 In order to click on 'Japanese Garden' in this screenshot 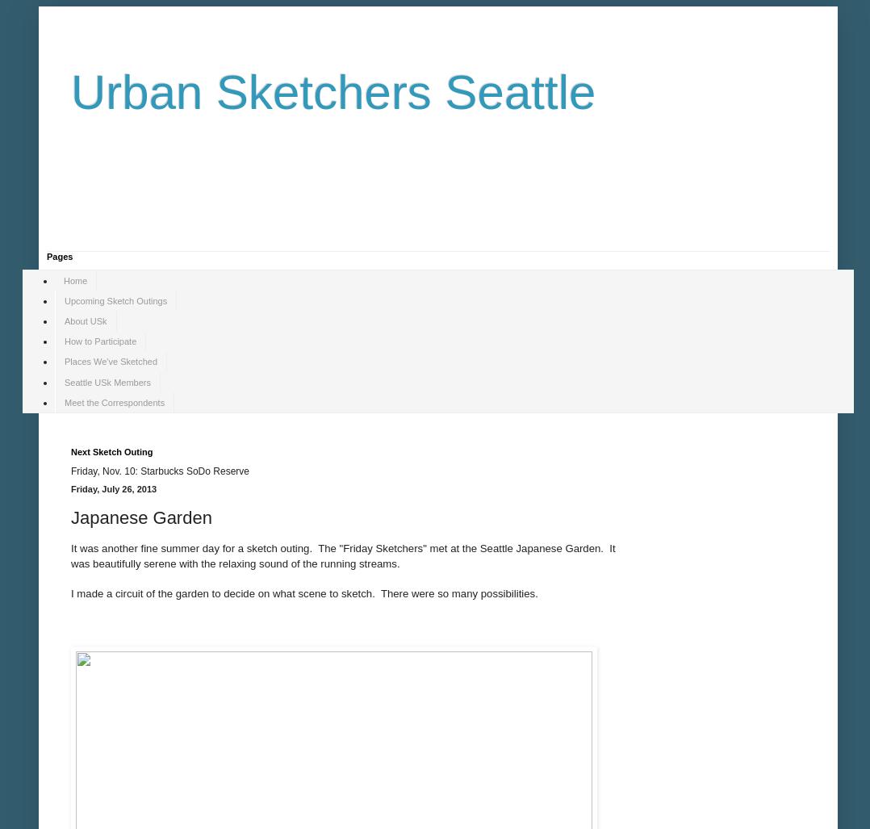, I will do `click(140, 516)`.